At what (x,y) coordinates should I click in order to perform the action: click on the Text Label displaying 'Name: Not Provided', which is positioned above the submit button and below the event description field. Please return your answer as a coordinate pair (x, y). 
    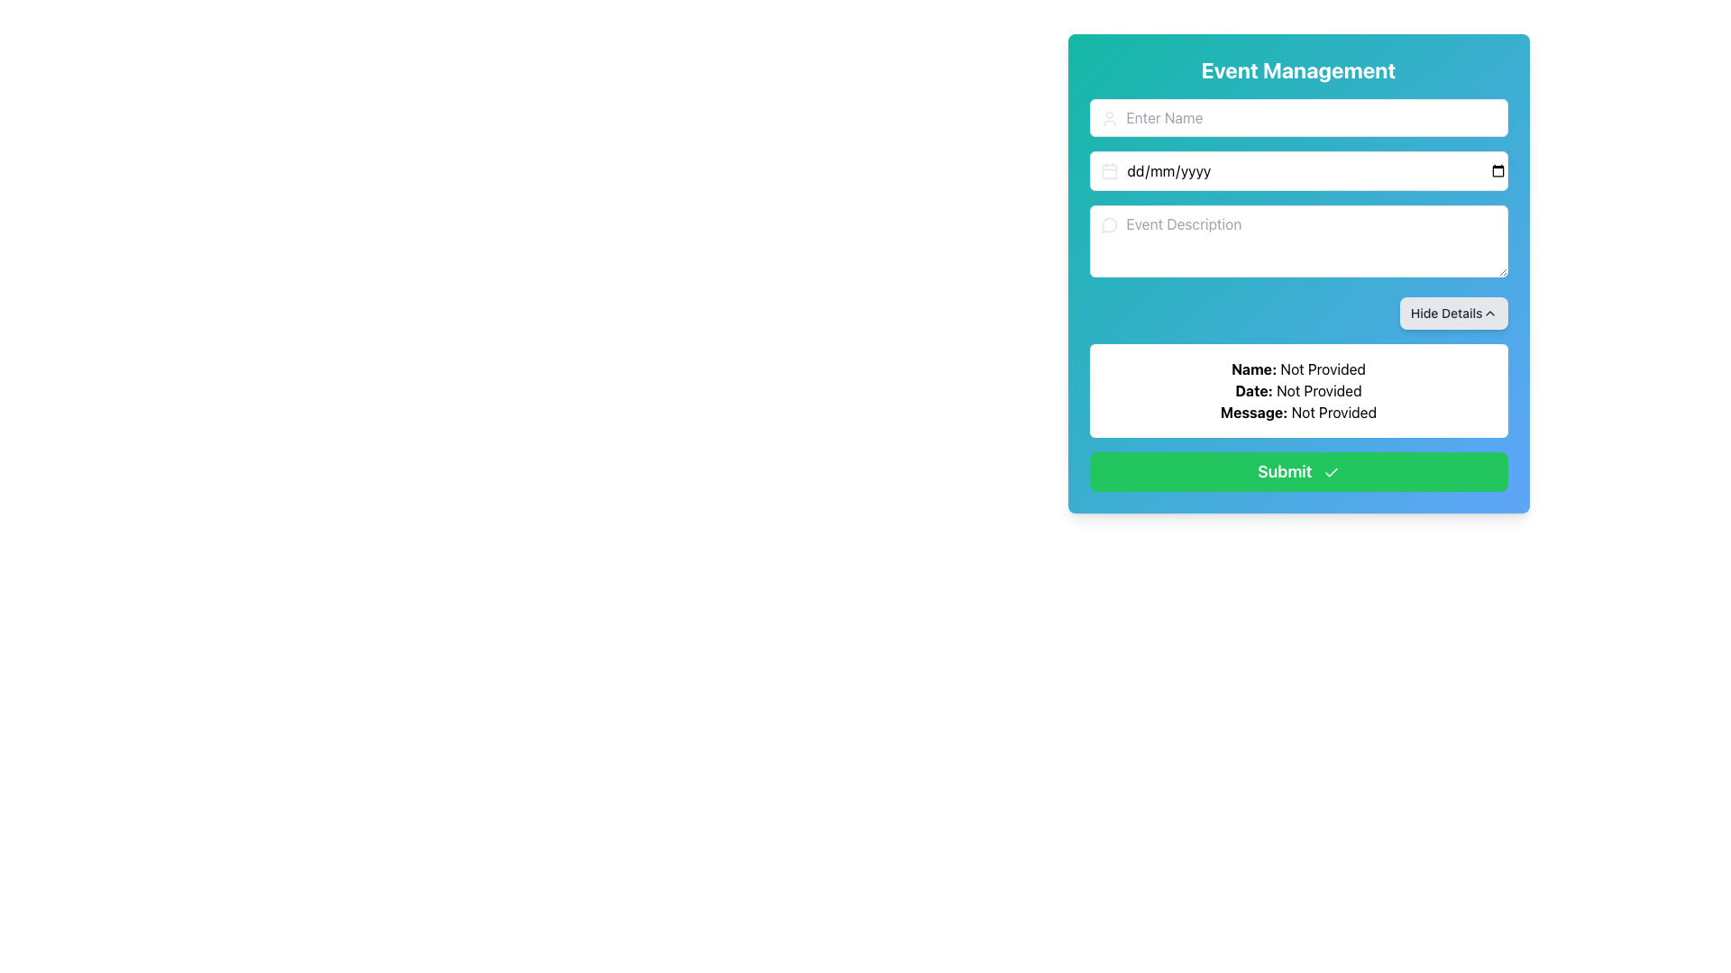
    Looking at the image, I should click on (1298, 368).